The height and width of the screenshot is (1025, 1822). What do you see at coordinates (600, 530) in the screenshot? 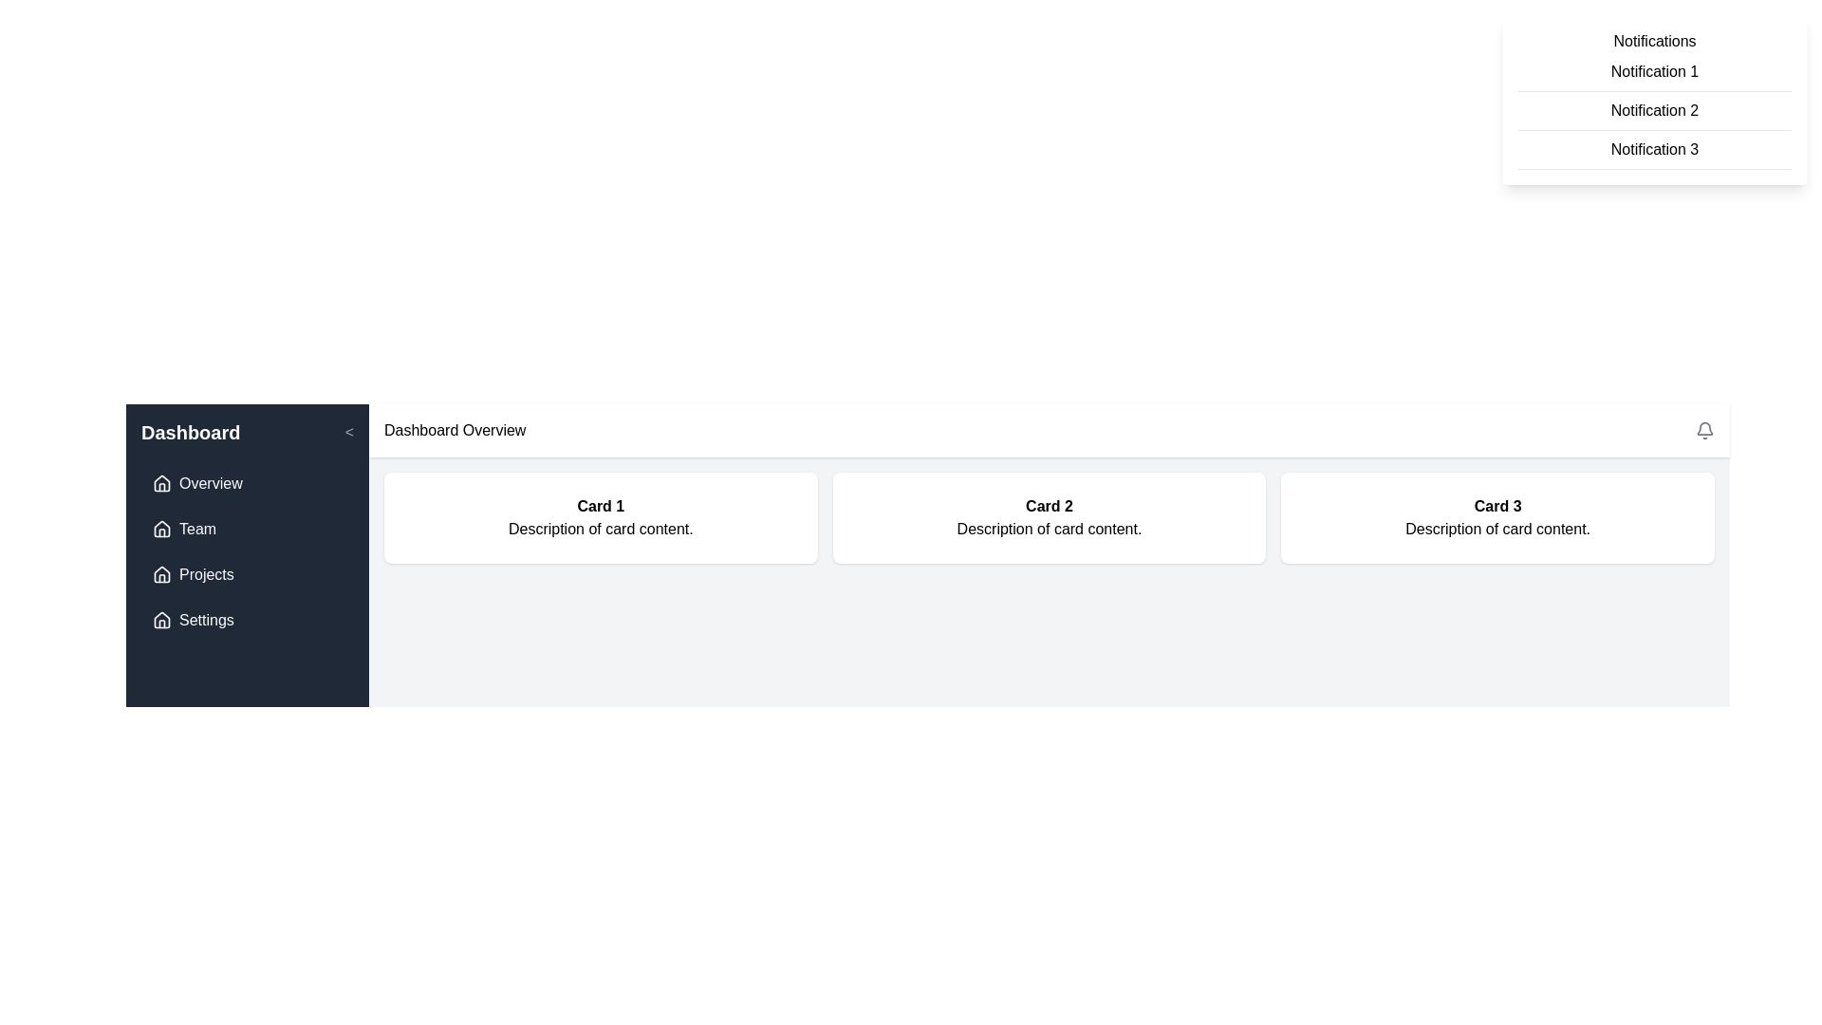
I see `the text label displaying 'Description of card content.' located below the header 'Card 1' in the leftmost card of a three-card layout` at bounding box center [600, 530].